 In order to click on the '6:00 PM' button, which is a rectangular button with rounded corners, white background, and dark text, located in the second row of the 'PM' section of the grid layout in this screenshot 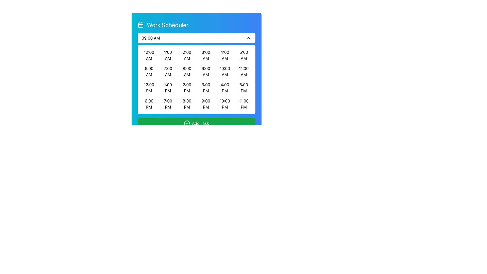, I will do `click(149, 104)`.